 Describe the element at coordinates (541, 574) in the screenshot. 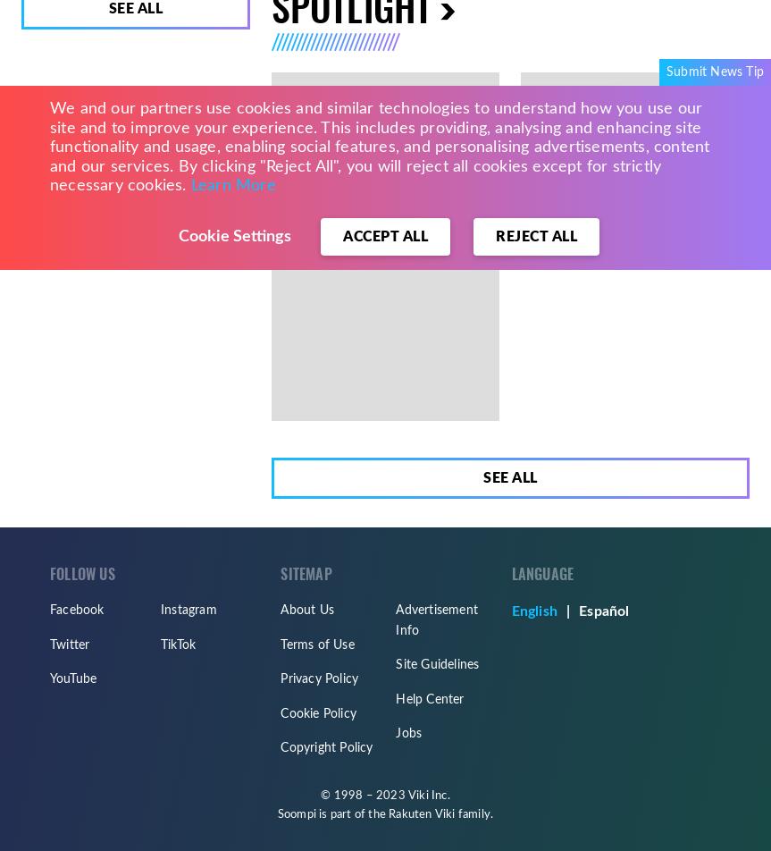

I see `'Language'` at that location.